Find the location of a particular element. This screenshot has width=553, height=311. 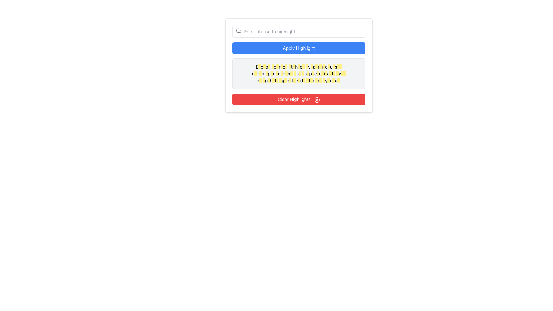

the Informational text block that has a gray border and rounded corners, containing the text 'Explore the various components specially highlighted for you.' is located at coordinates (299, 65).